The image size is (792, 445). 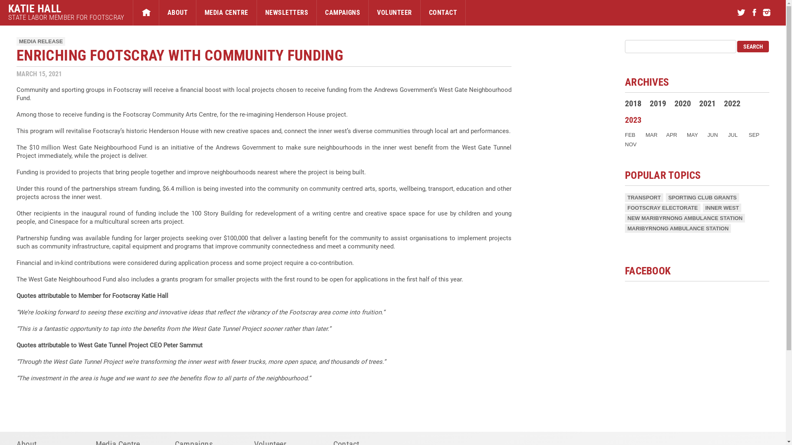 I want to click on 'INNER WEST', so click(x=722, y=207).